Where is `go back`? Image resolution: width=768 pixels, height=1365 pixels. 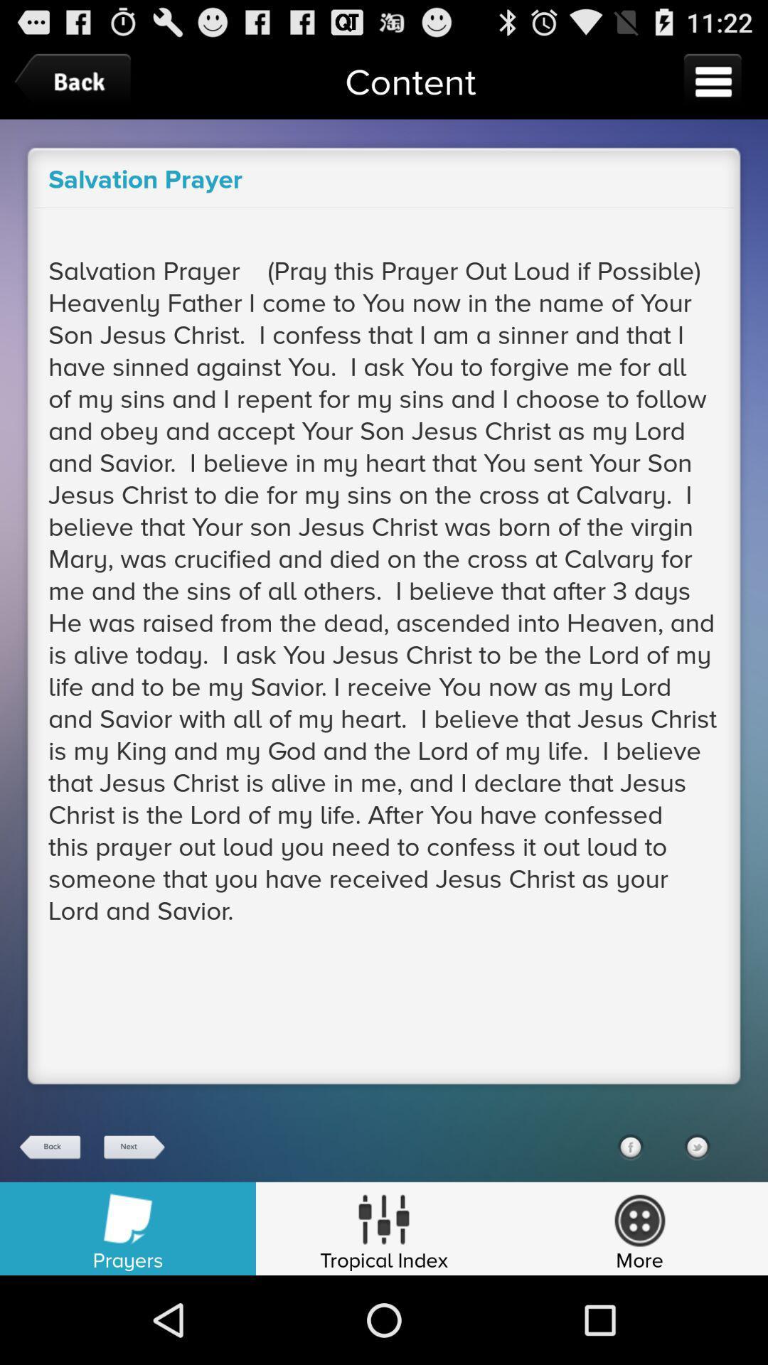 go back is located at coordinates (50, 1147).